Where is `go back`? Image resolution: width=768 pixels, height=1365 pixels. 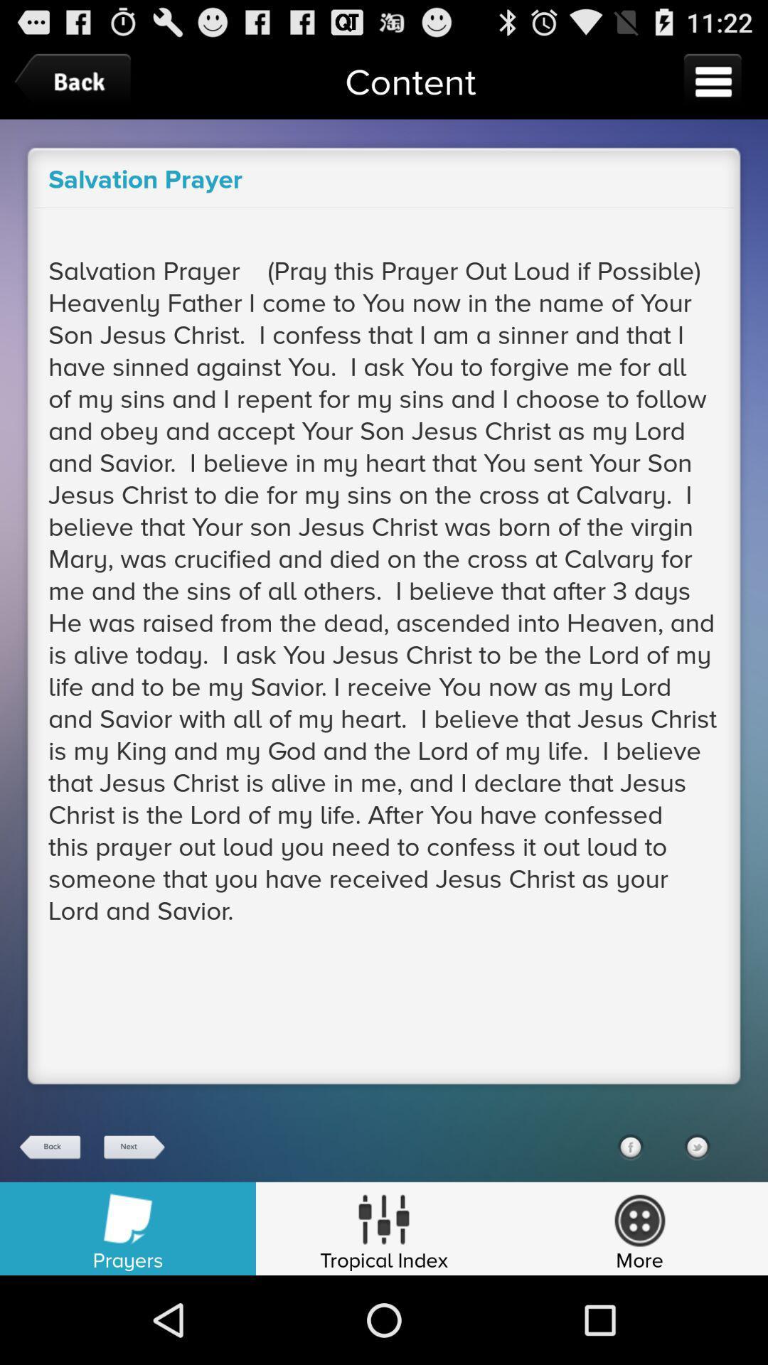 go back is located at coordinates (50, 1147).